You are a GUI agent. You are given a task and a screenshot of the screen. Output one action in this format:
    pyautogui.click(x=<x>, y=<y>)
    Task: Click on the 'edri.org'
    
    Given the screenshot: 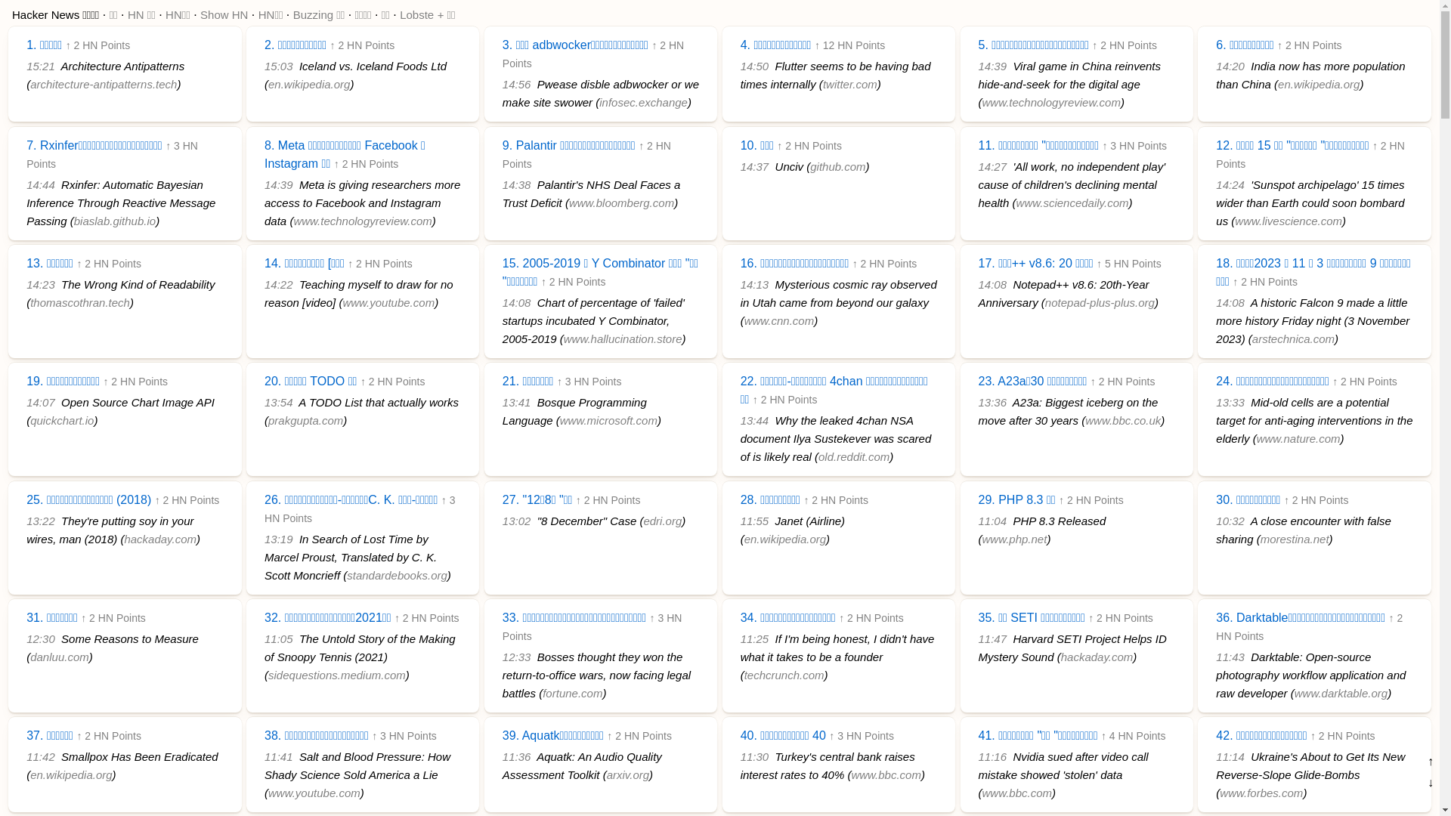 What is the action you would take?
    pyautogui.click(x=642, y=520)
    